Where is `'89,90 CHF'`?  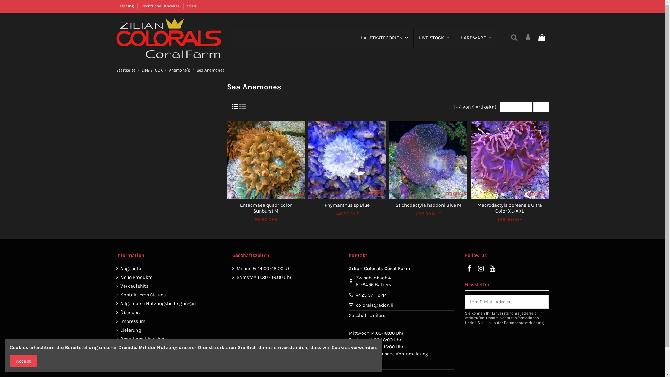
'89,90 CHF' is located at coordinates (254, 219).